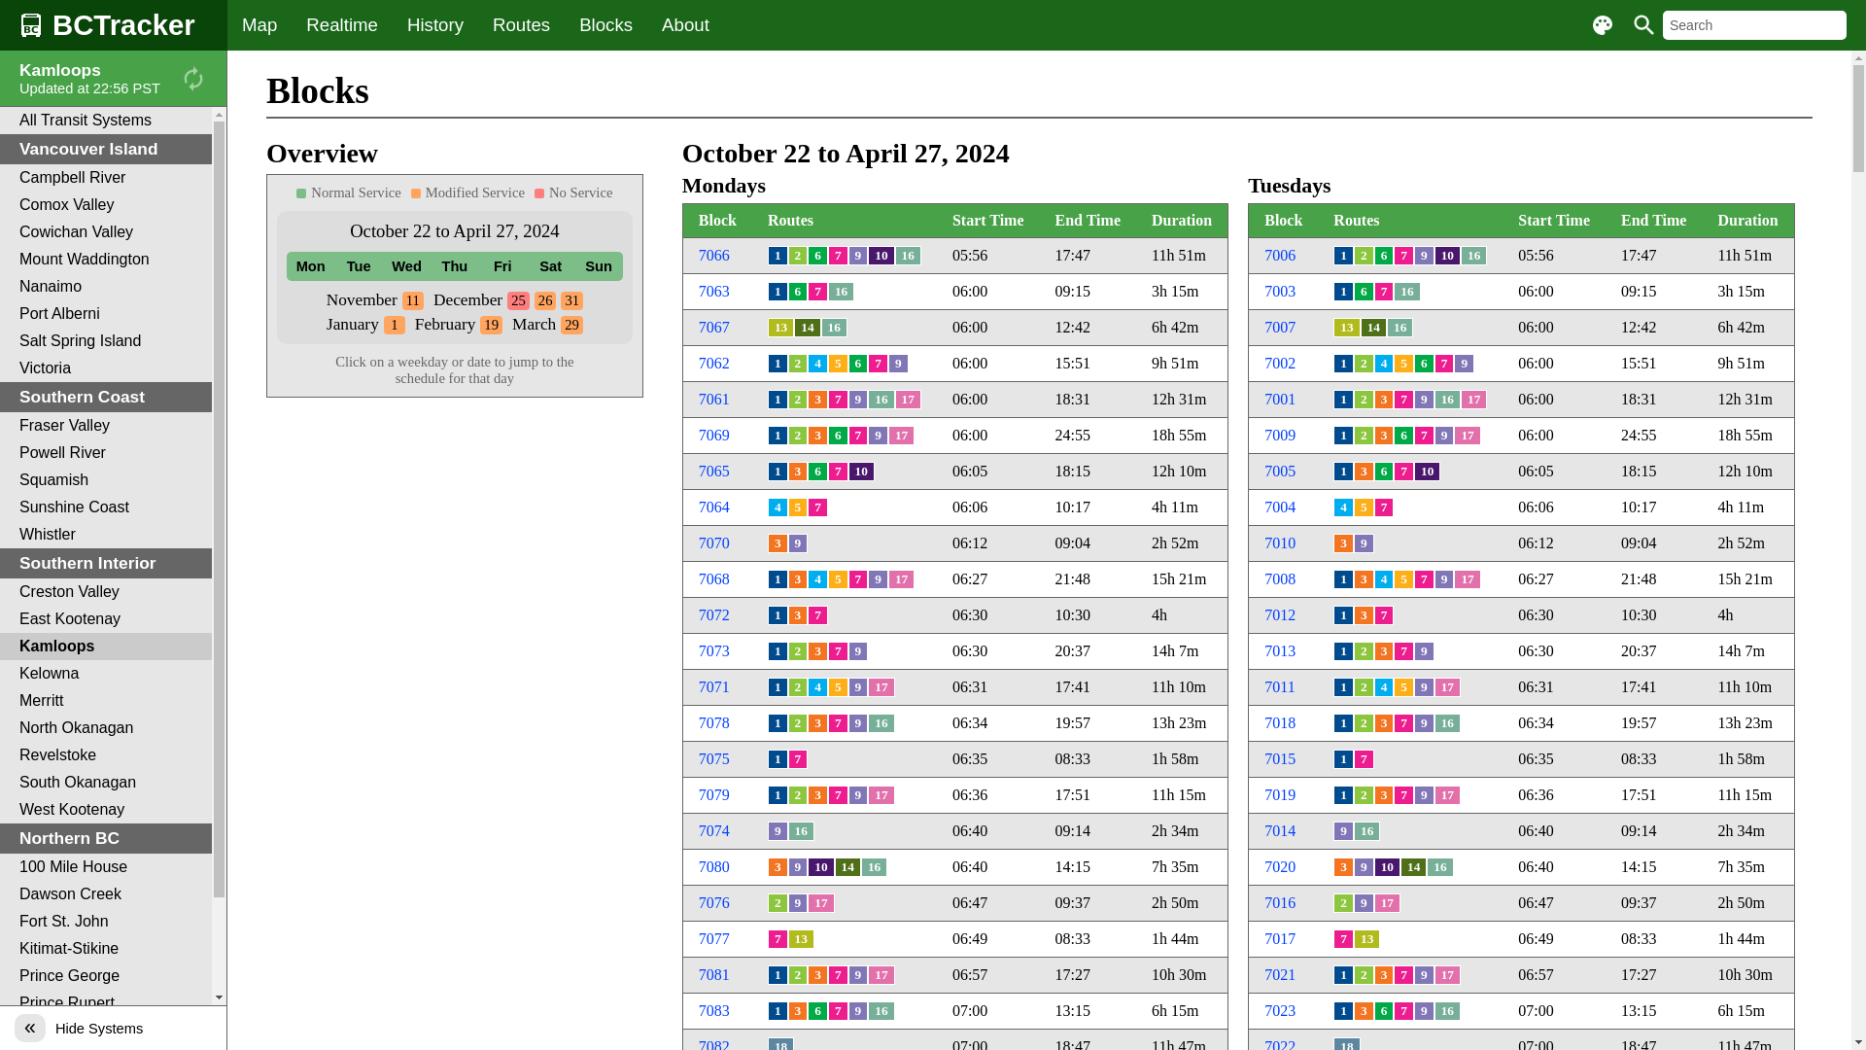 The height and width of the screenshot is (1050, 1866). I want to click on '3', so click(817, 399).